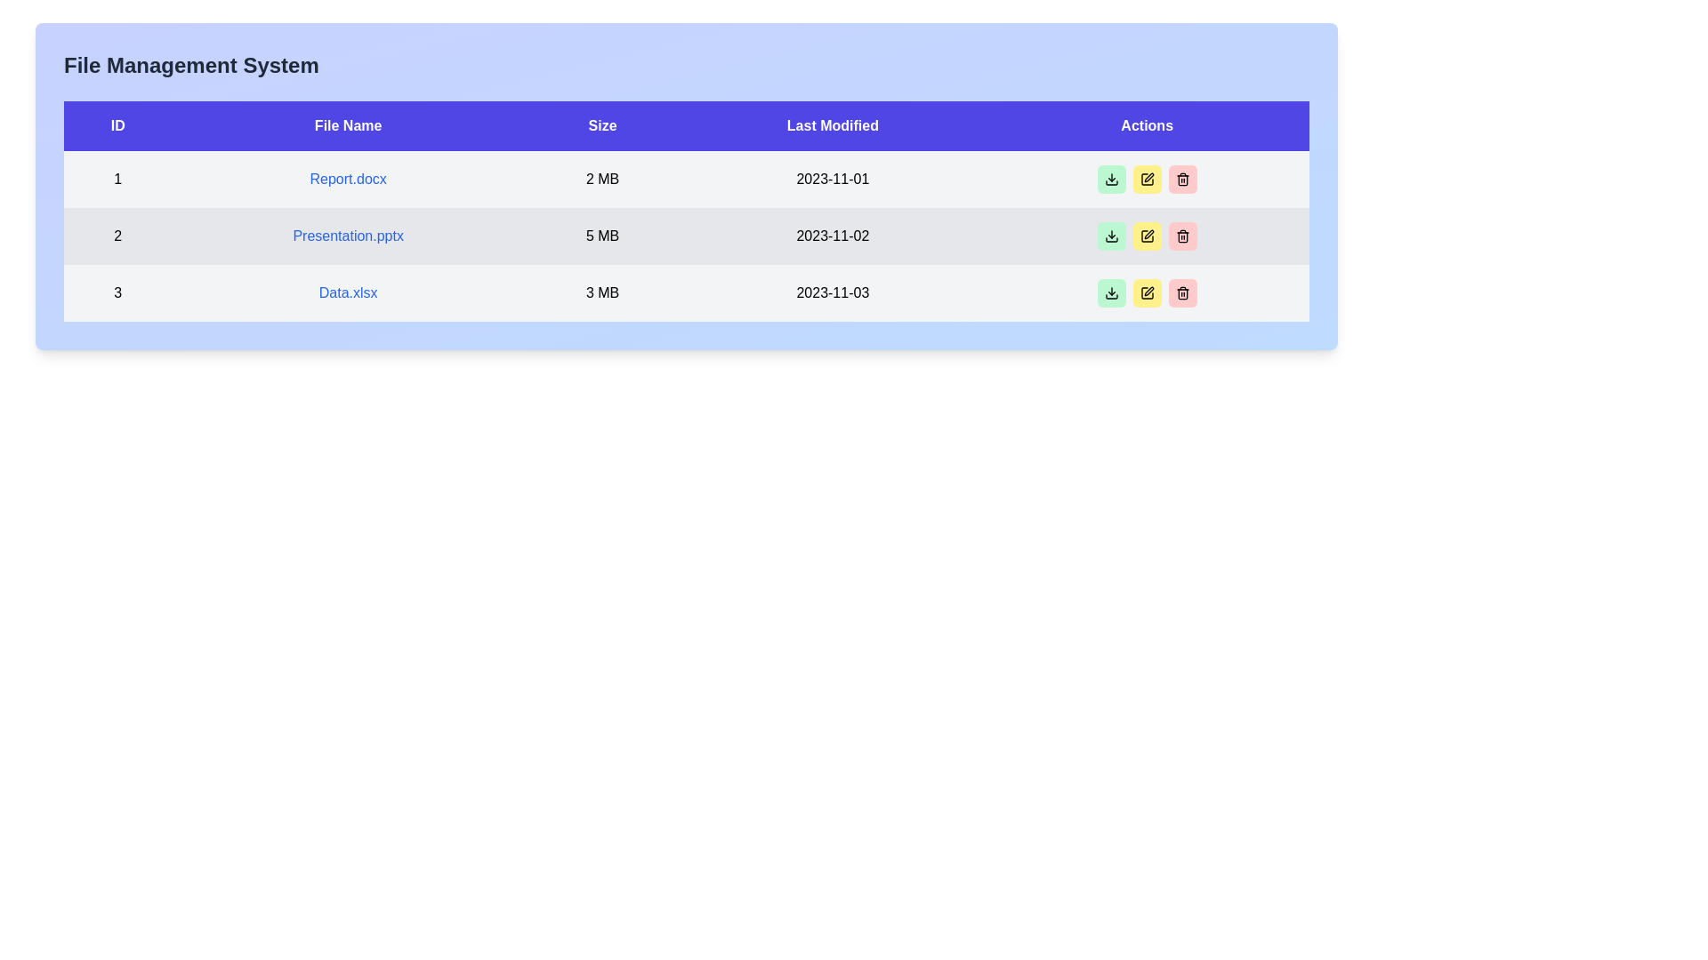  What do you see at coordinates (602, 236) in the screenshot?
I see `the text label displaying '5 MB' in the 'Size' column of a table, which is located in the third cell of the second row, next to 'Presentation.pptx'` at bounding box center [602, 236].